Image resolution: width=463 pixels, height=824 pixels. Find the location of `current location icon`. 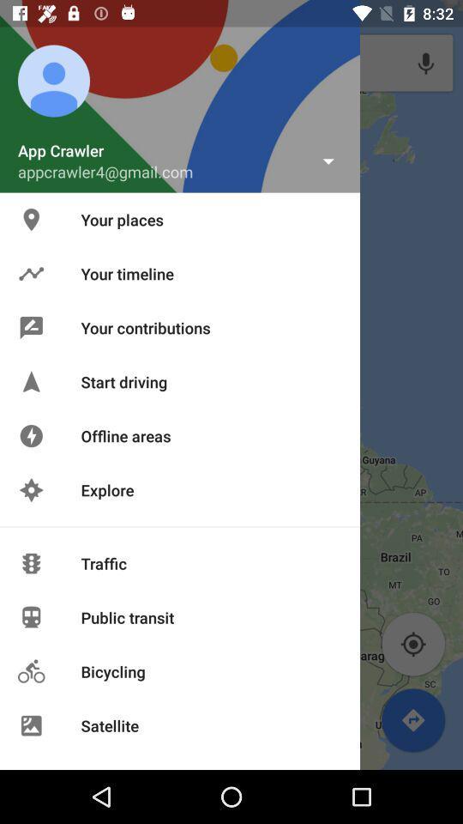

current location icon is located at coordinates (412, 644).